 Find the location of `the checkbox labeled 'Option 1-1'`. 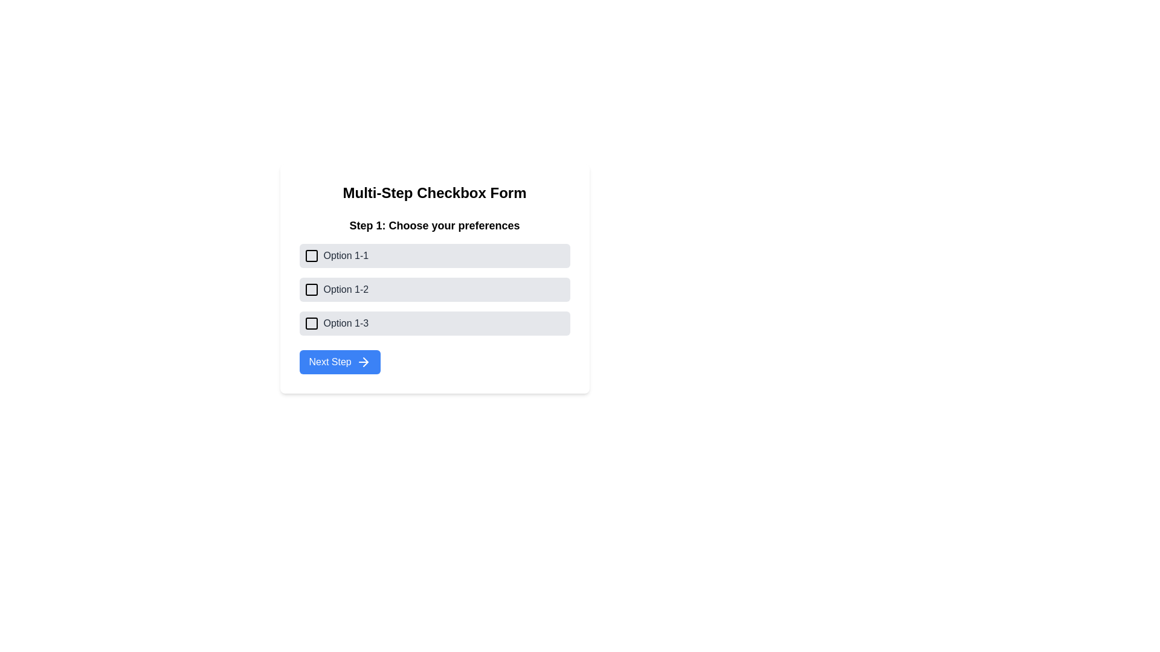

the checkbox labeled 'Option 1-1' is located at coordinates (434, 255).